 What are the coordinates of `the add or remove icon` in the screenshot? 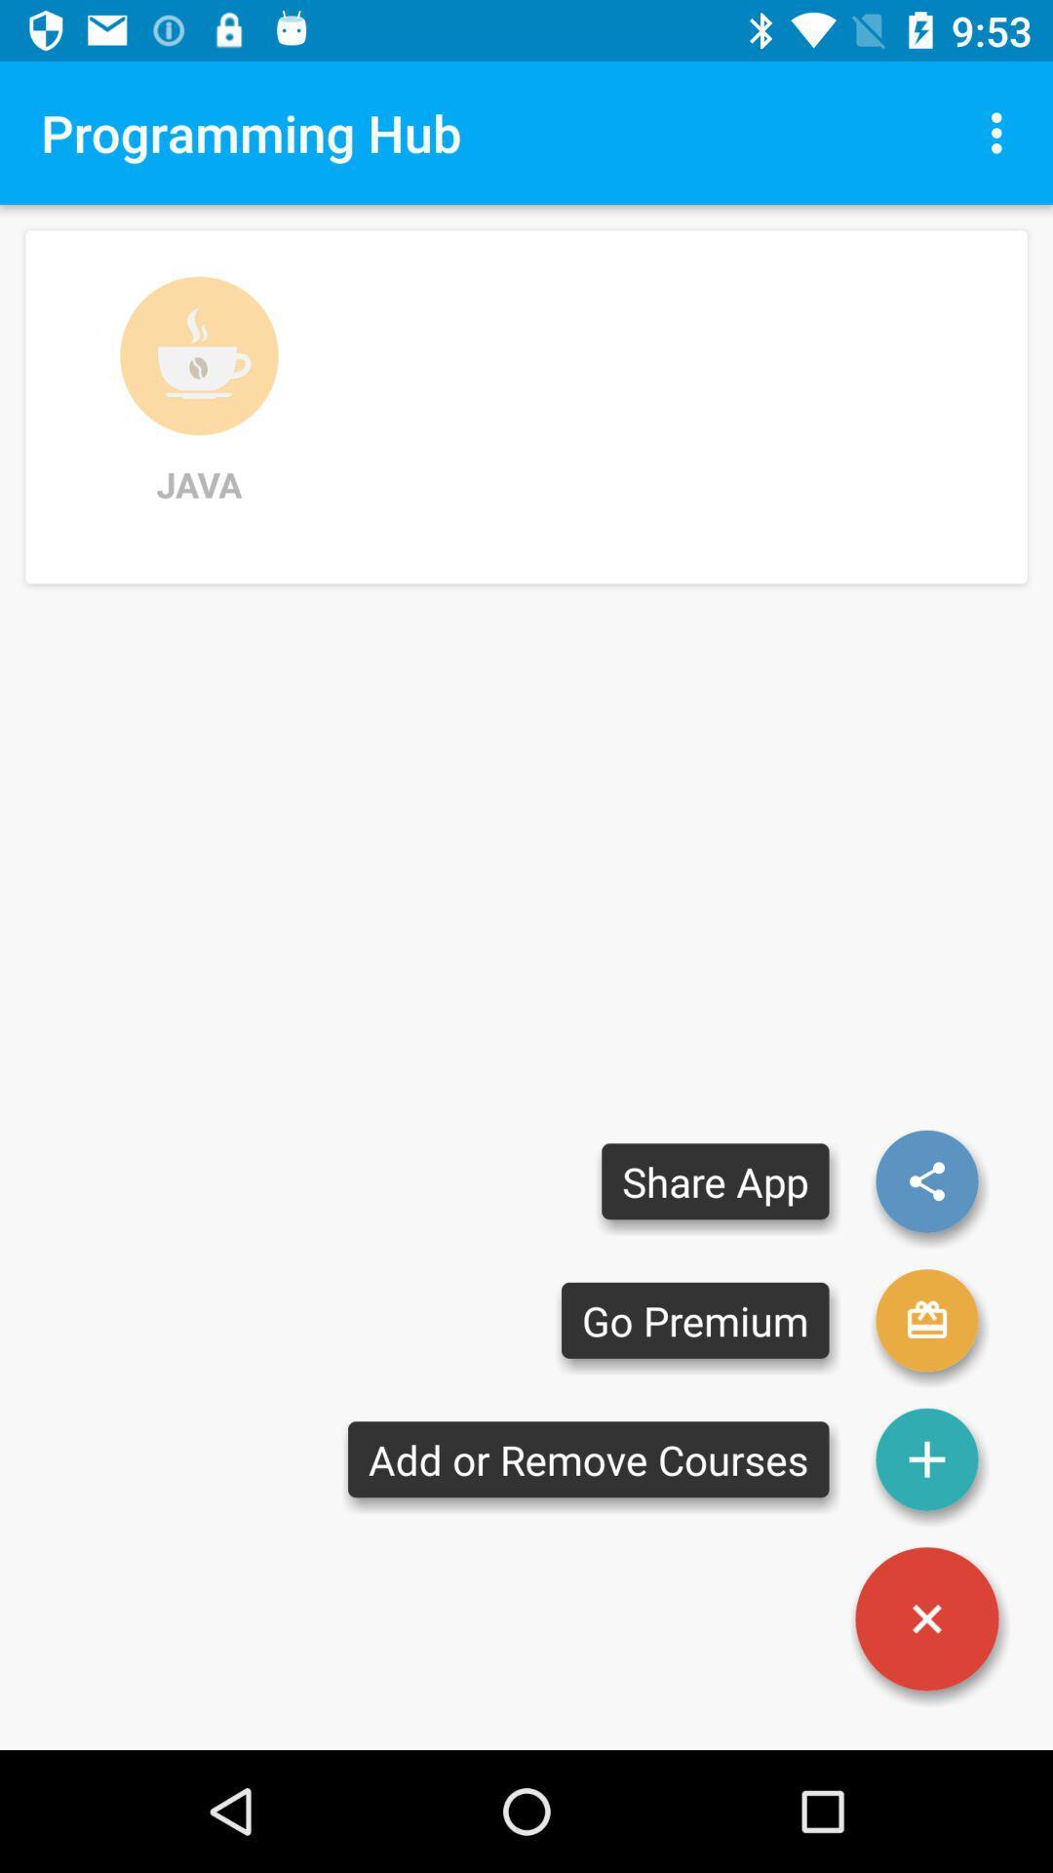 It's located at (587, 1459).